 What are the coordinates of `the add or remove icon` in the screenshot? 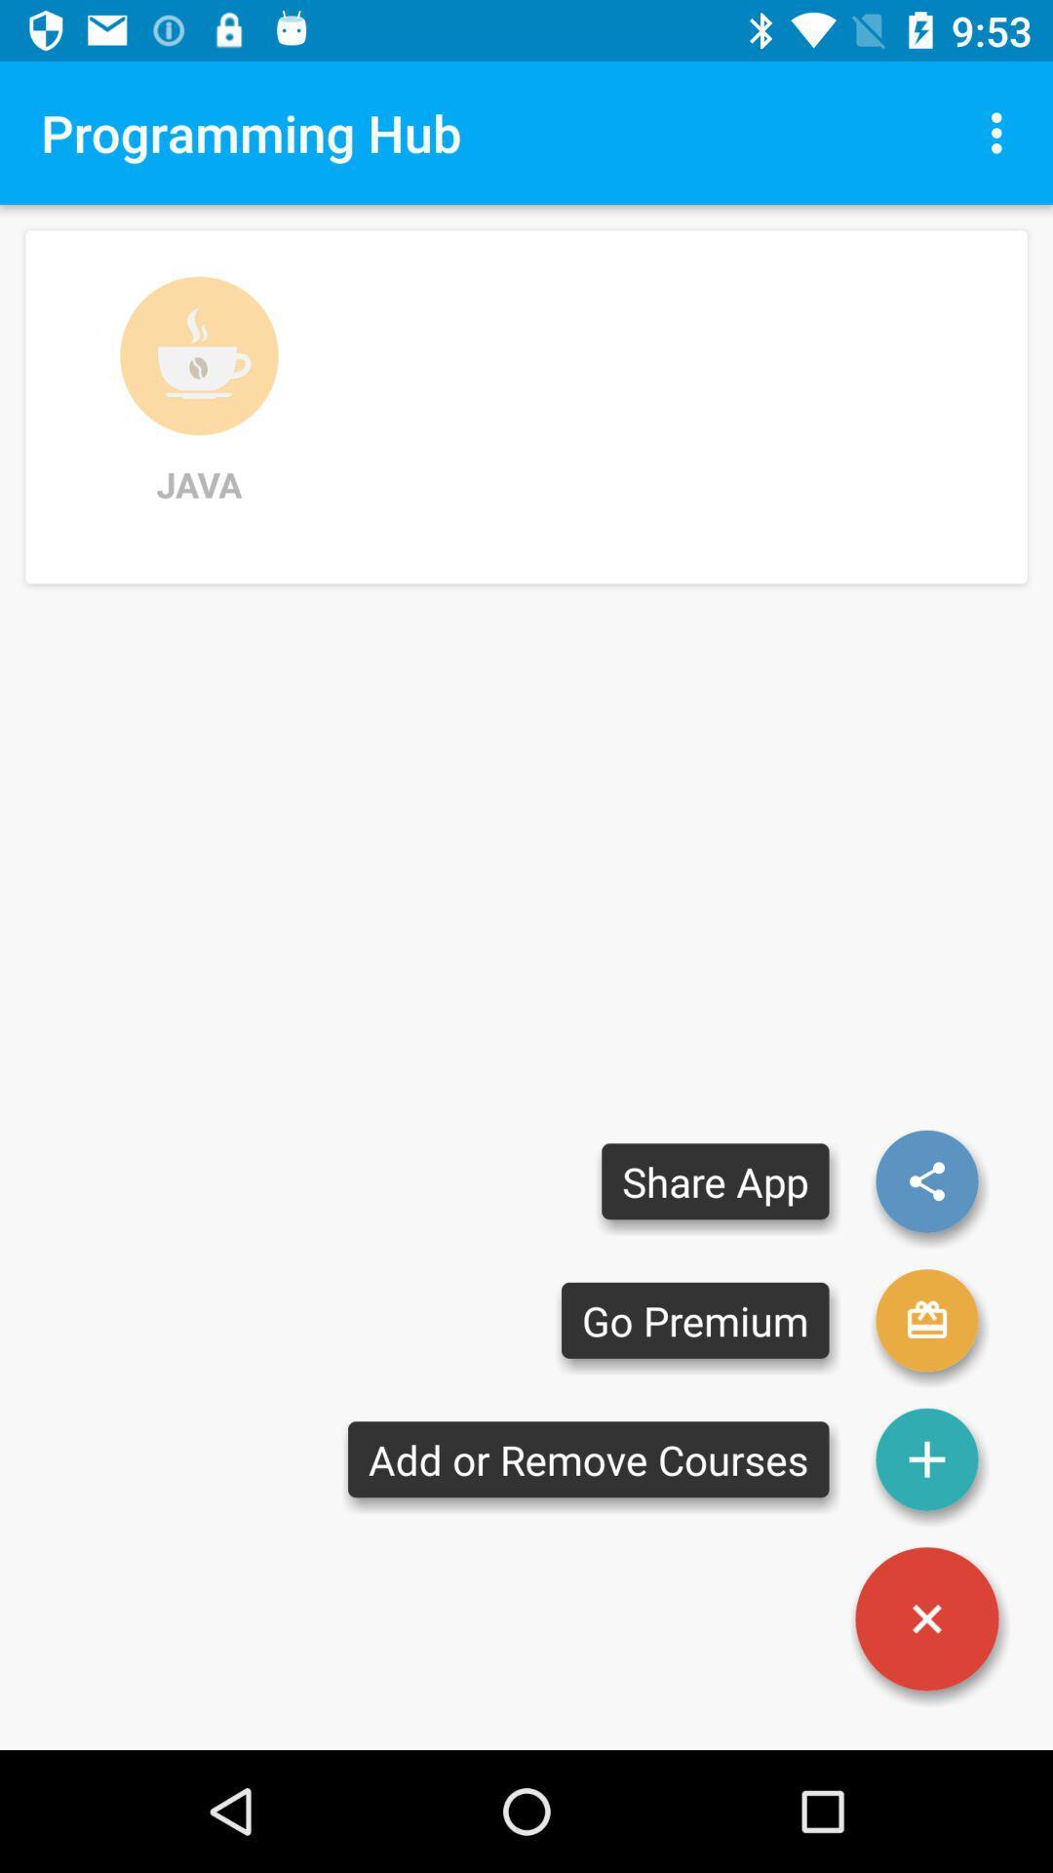 It's located at (587, 1459).